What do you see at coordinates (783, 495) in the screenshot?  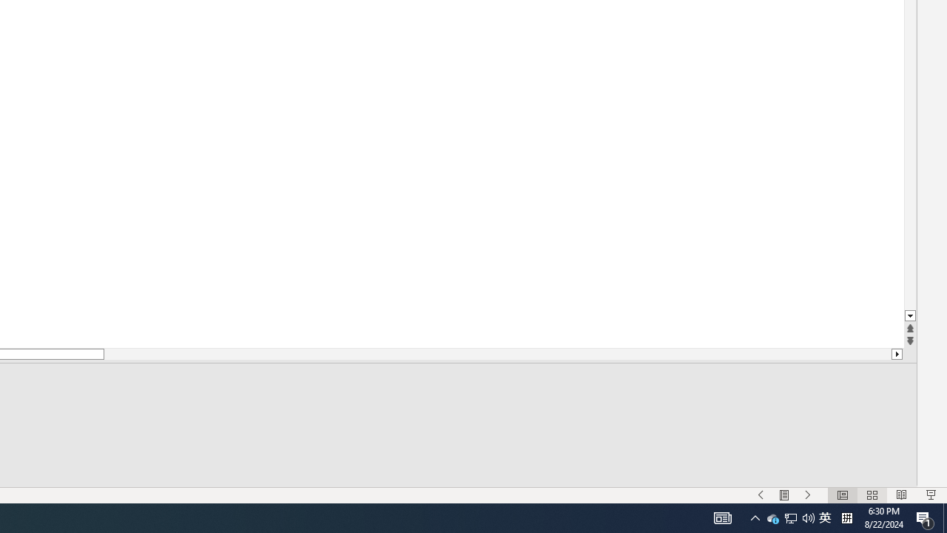 I see `'Menu On'` at bounding box center [783, 495].